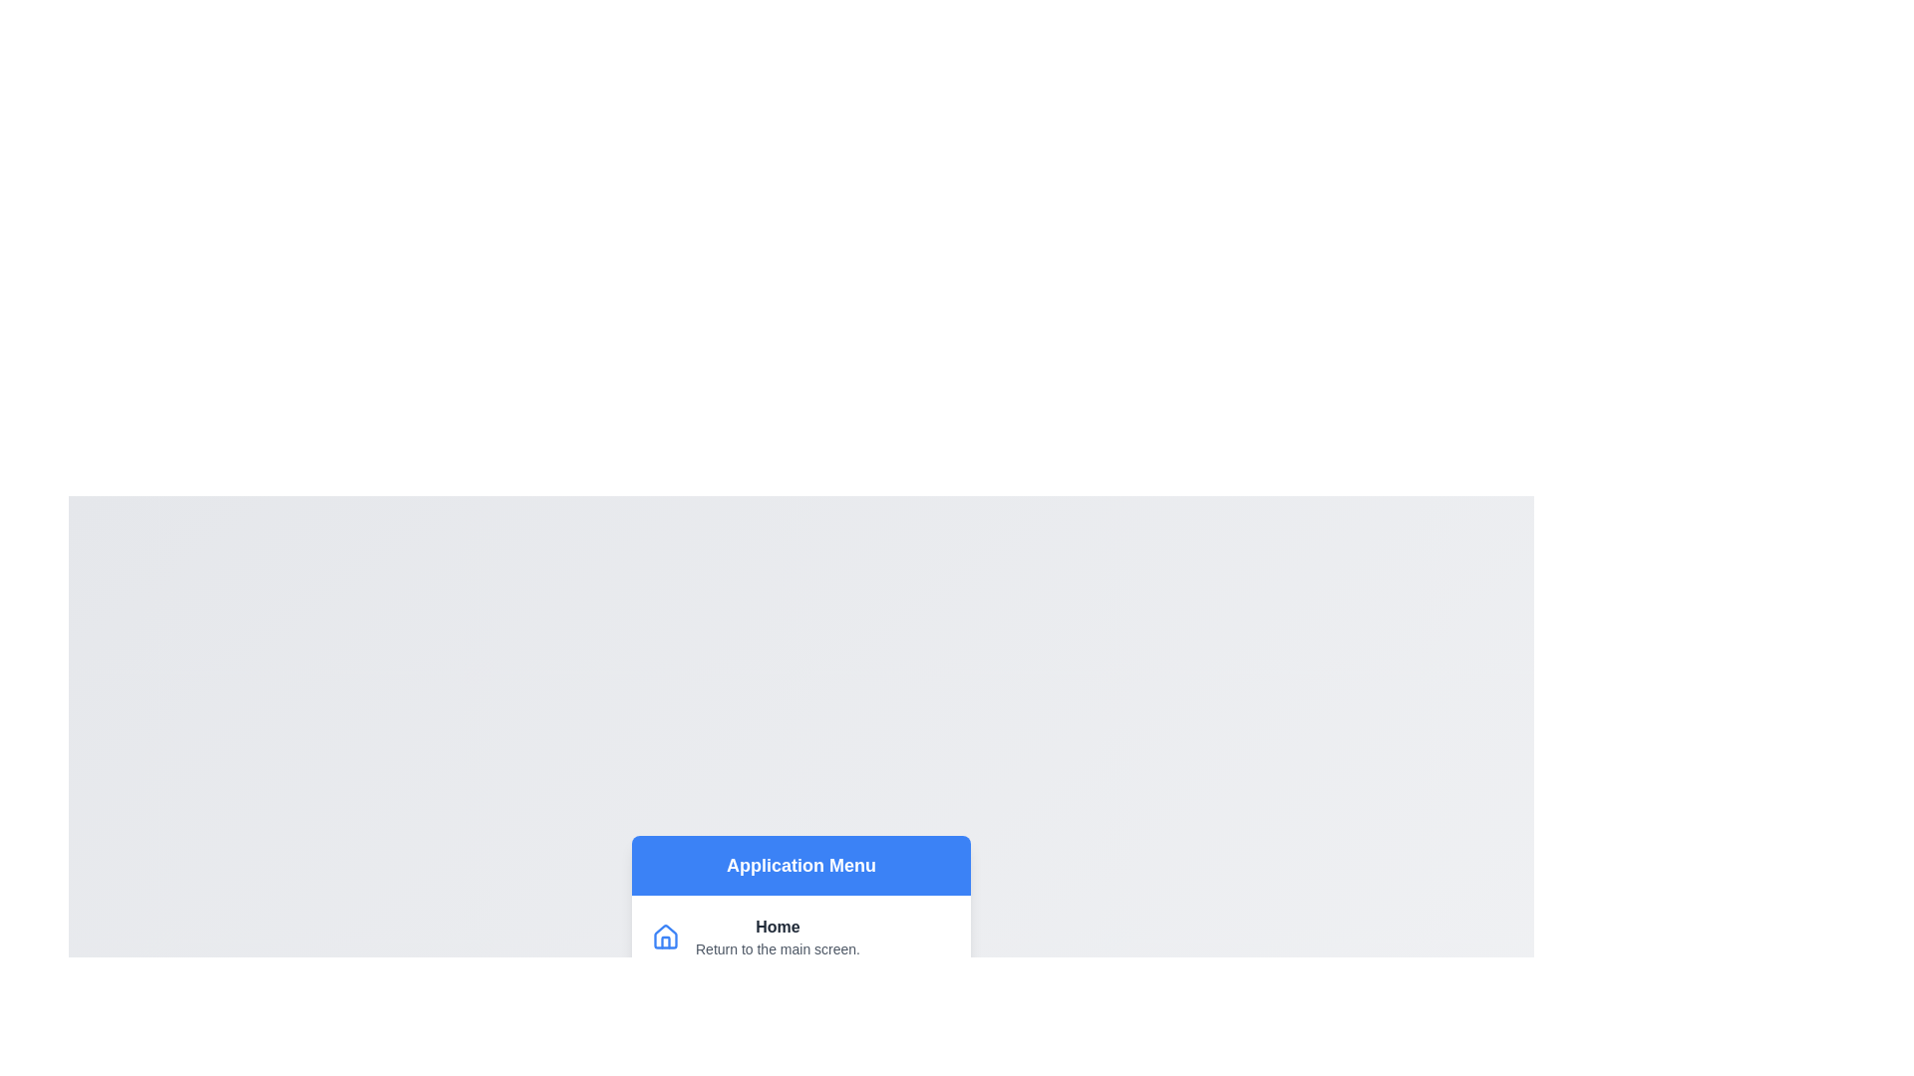 This screenshot has width=1914, height=1076. Describe the element at coordinates (801, 864) in the screenshot. I see `the menu header labeled 'Application Menu'` at that location.